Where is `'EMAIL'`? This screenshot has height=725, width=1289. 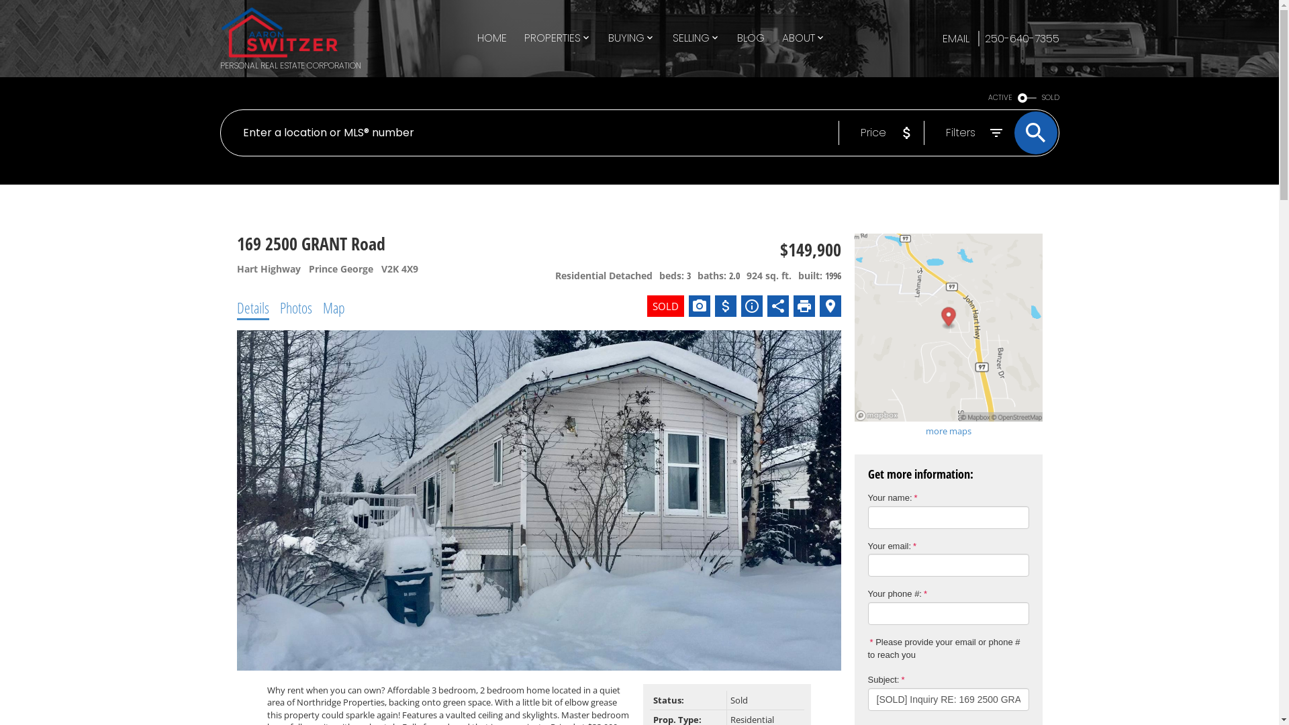
'EMAIL' is located at coordinates (957, 38).